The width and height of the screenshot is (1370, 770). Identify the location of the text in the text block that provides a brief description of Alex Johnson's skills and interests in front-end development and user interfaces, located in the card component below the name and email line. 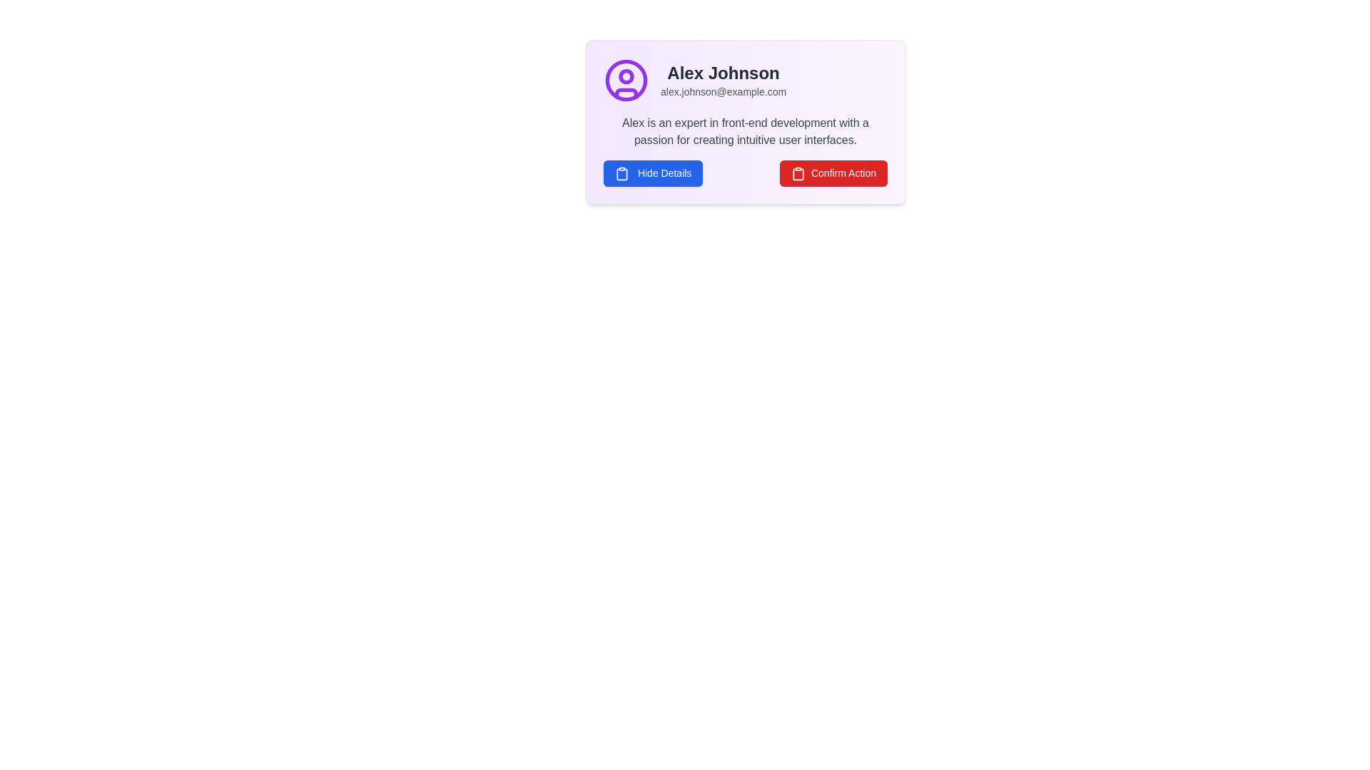
(745, 132).